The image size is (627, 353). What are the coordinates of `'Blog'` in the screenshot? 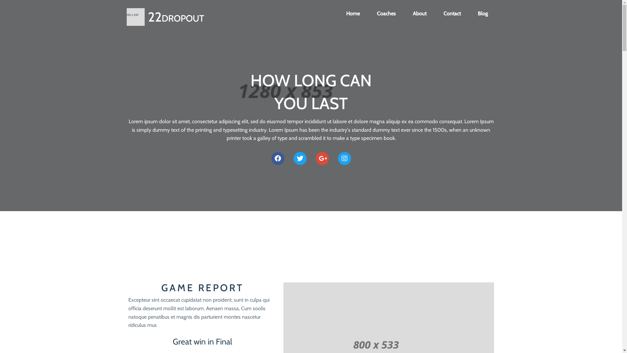 It's located at (482, 14).